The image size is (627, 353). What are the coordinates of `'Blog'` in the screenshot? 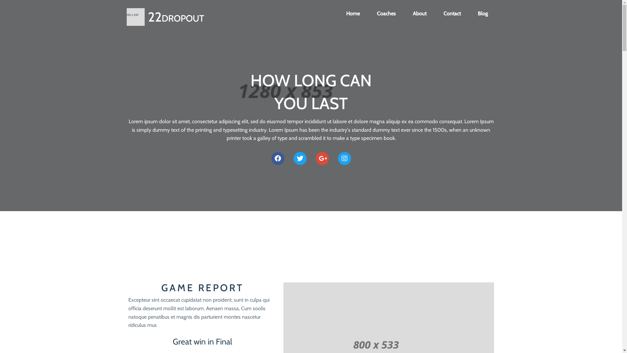 It's located at (482, 14).